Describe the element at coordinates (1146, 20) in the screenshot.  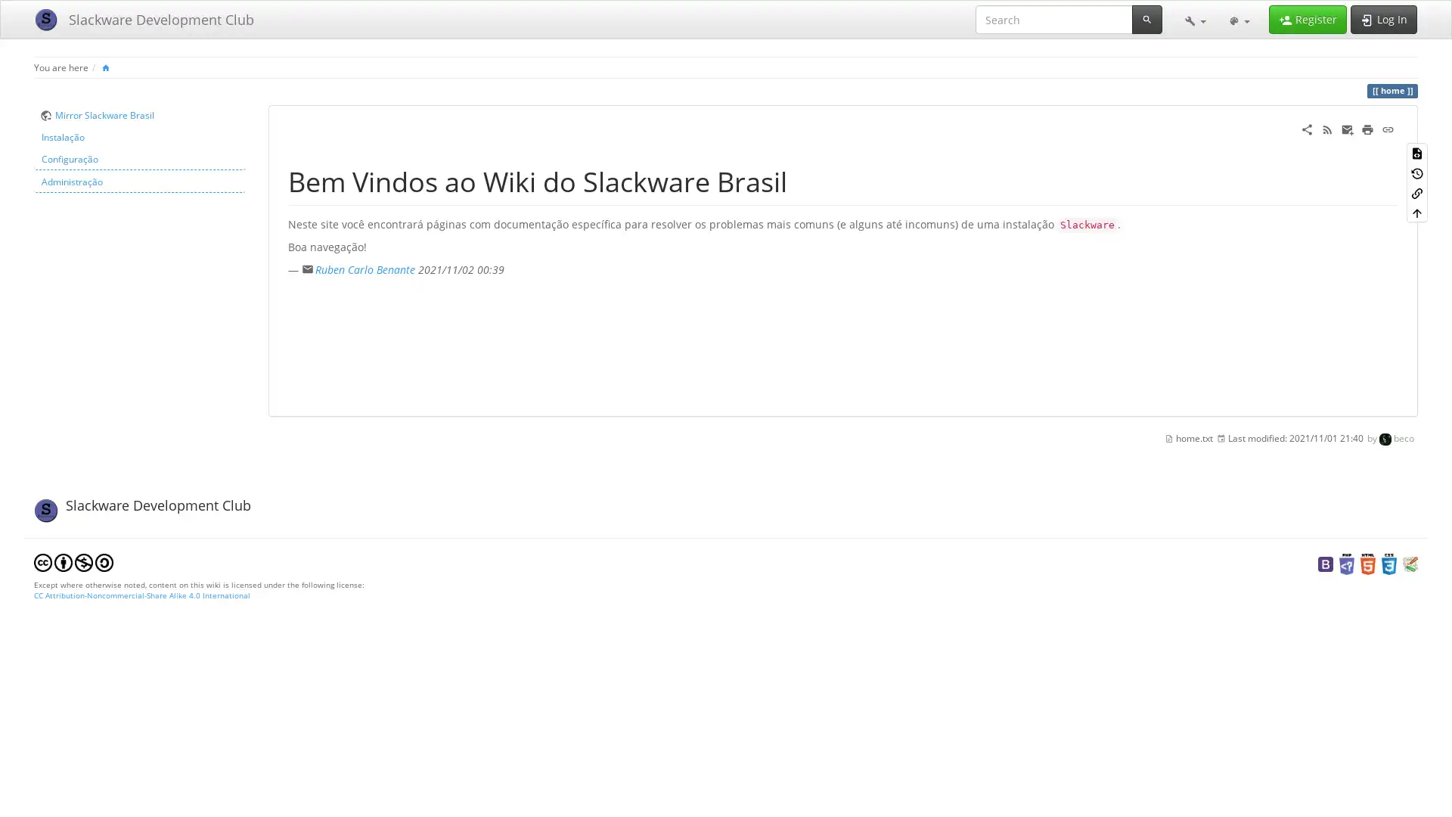
I see `Search` at that location.